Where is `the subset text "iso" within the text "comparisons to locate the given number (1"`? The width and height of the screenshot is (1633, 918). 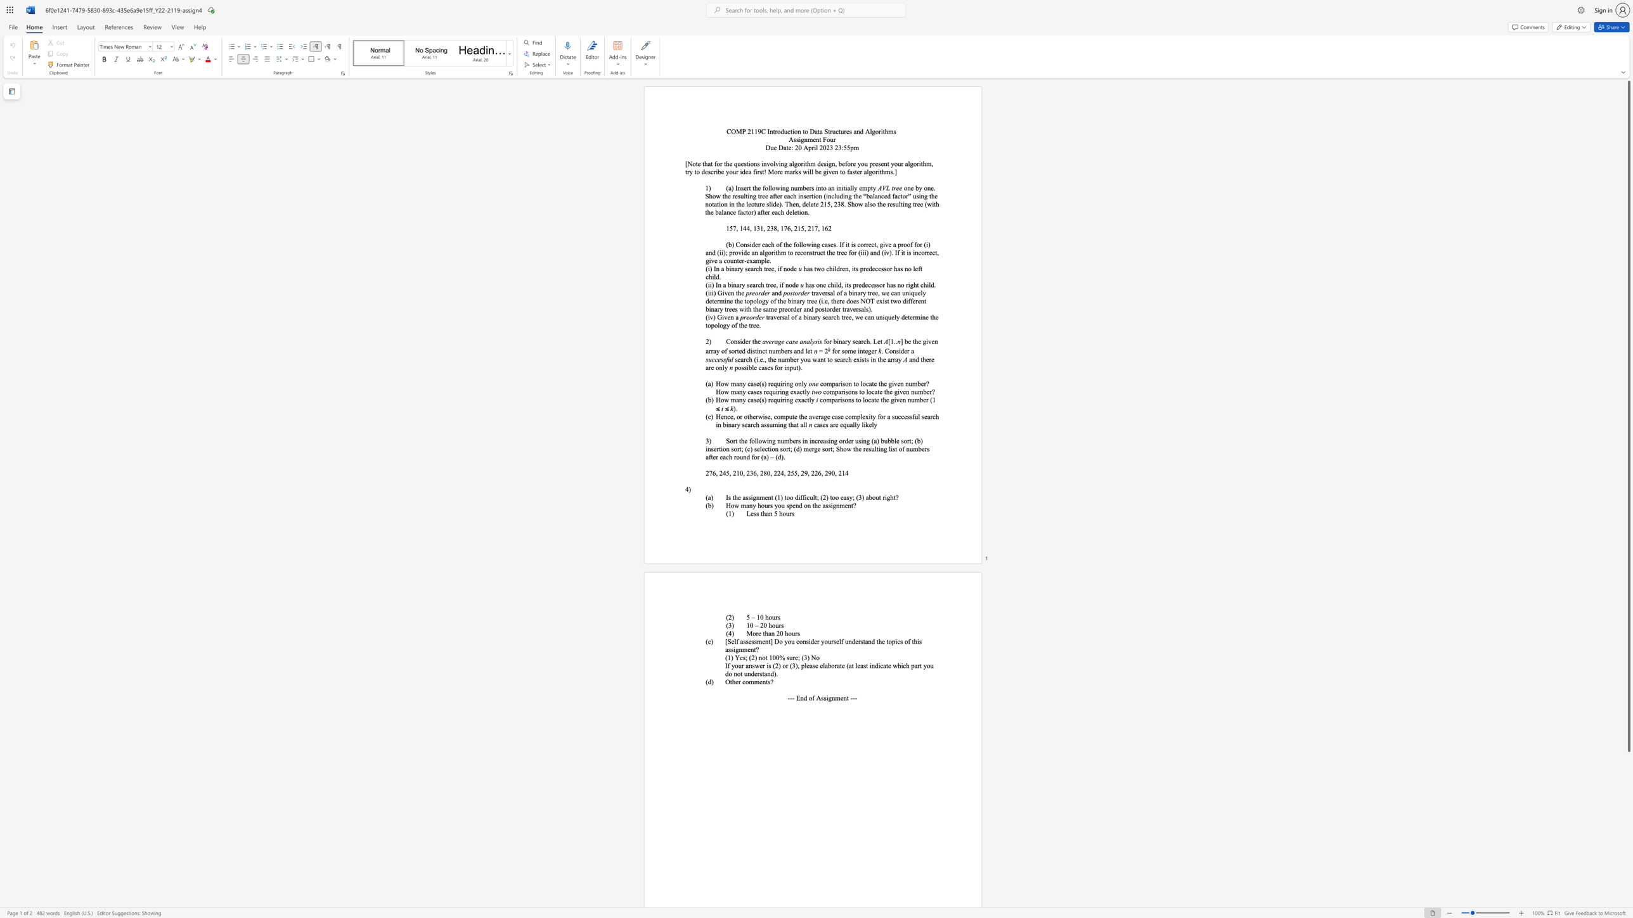
the subset text "iso" within the text "comparisons to locate the given number (1" is located at coordinates (839, 400).